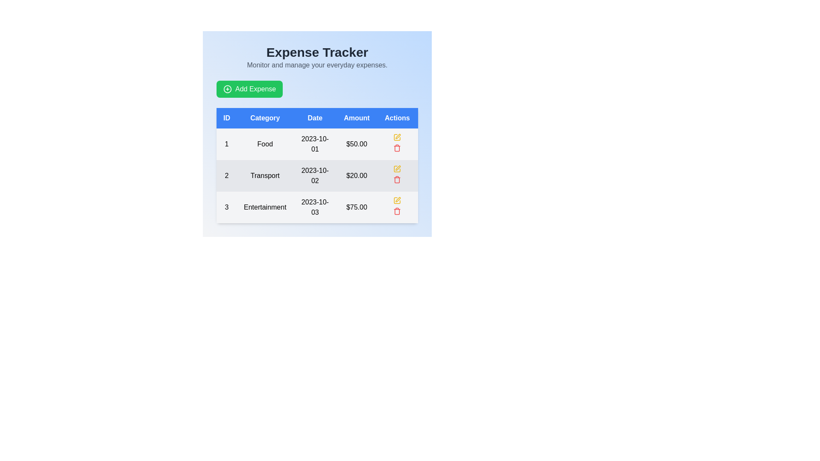 This screenshot has width=820, height=461. What do you see at coordinates (397, 211) in the screenshot?
I see `the trash icon in the third row of the Actions column to initiate the delete action` at bounding box center [397, 211].